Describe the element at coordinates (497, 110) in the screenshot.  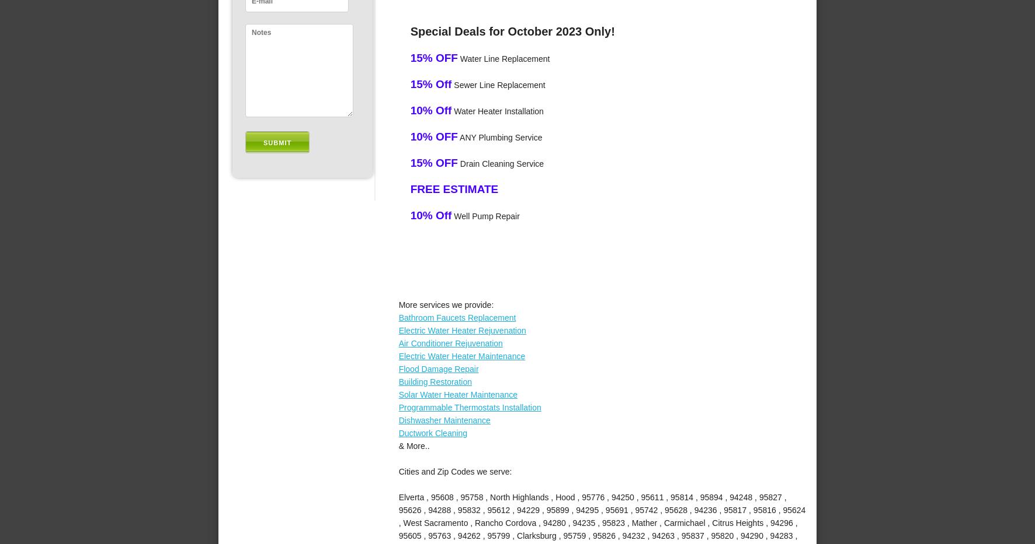
I see `'Water Heater Installation'` at that location.